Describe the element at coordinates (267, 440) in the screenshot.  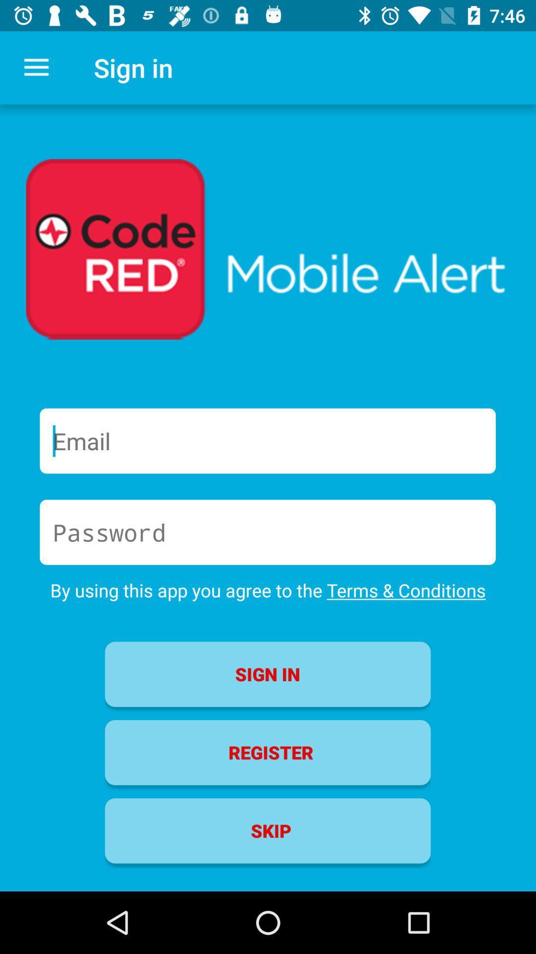
I see `email address` at that location.